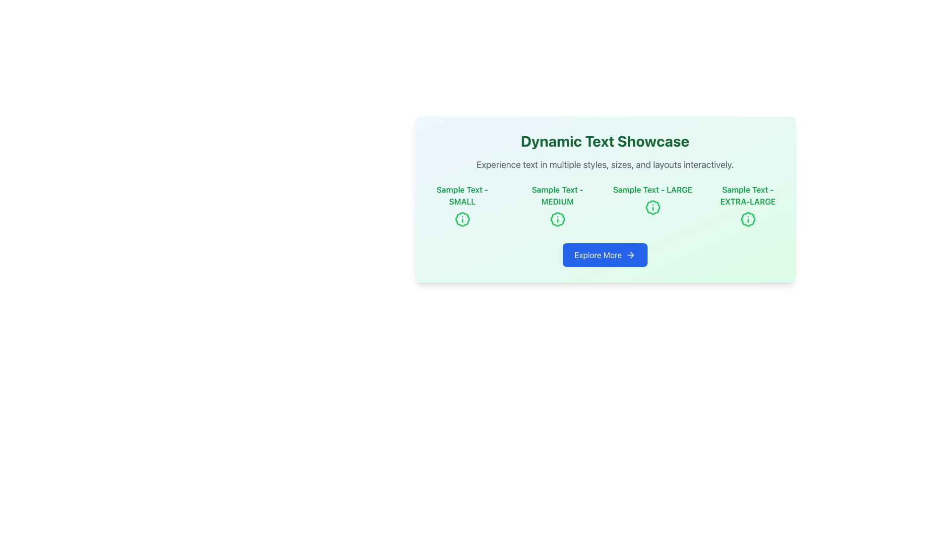  Describe the element at coordinates (604, 164) in the screenshot. I see `the text block that displays the phrase 'Experience text in multiple styles, sizes, and layouts interactively.', which is styled with a 'text-lg' class and is positioned centrally beneath the 'Dynamic Text Showcase' header` at that location.